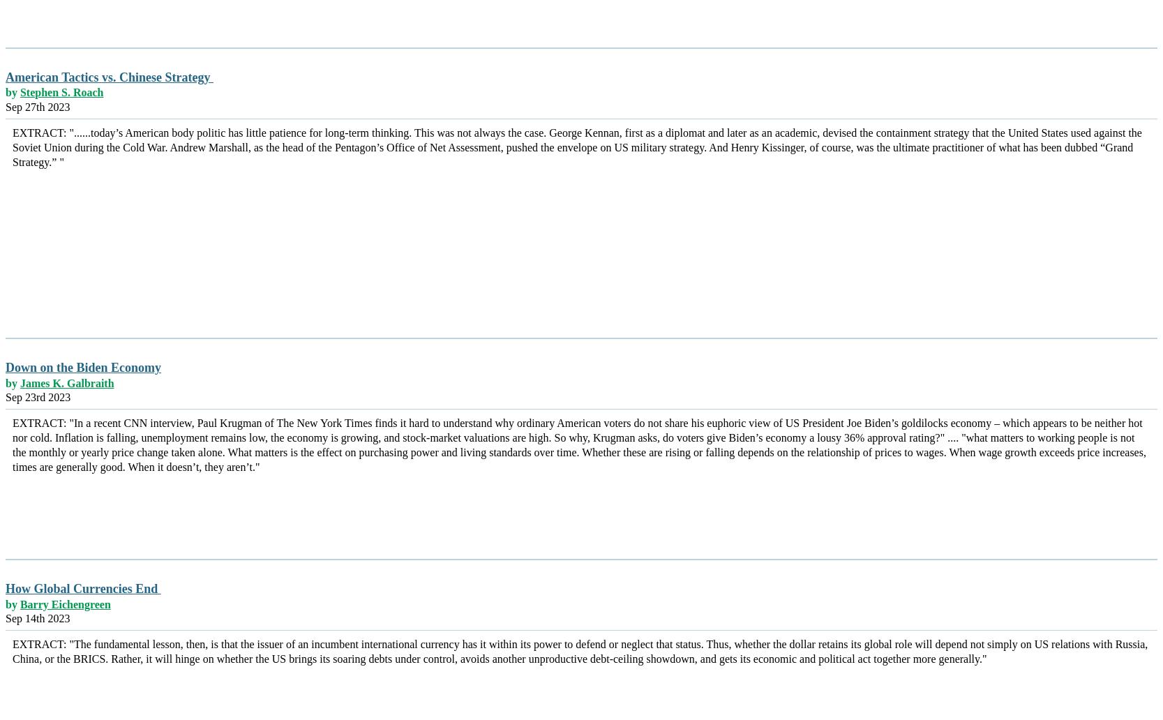 The image size is (1163, 720). I want to click on 'American Tactics vs. Chinese Strategy', so click(109, 77).